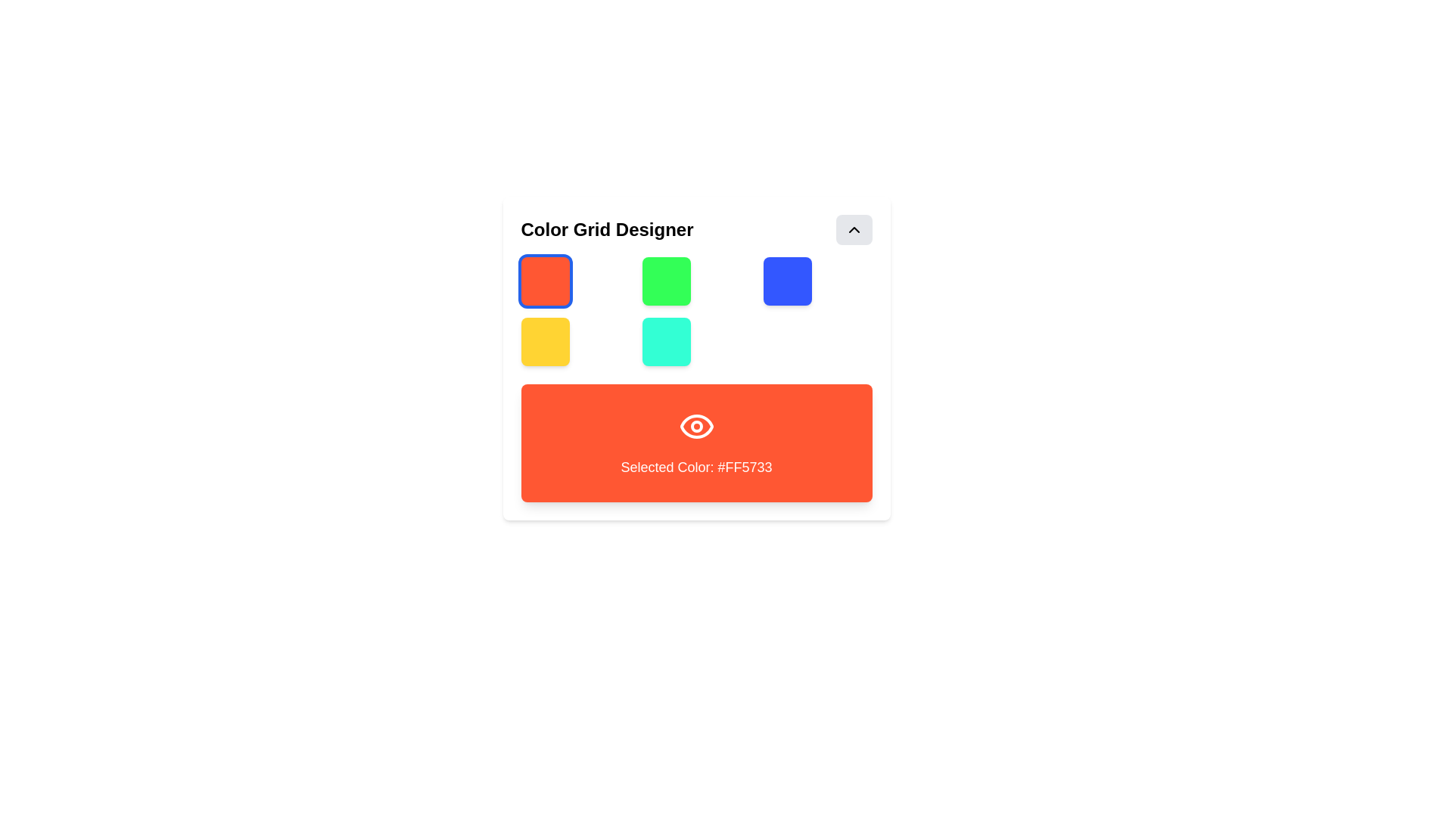  What do you see at coordinates (695, 426) in the screenshot?
I see `the eye SVG icon, which is centered within the red button labeled 'Selected Color: #FF5733'` at bounding box center [695, 426].